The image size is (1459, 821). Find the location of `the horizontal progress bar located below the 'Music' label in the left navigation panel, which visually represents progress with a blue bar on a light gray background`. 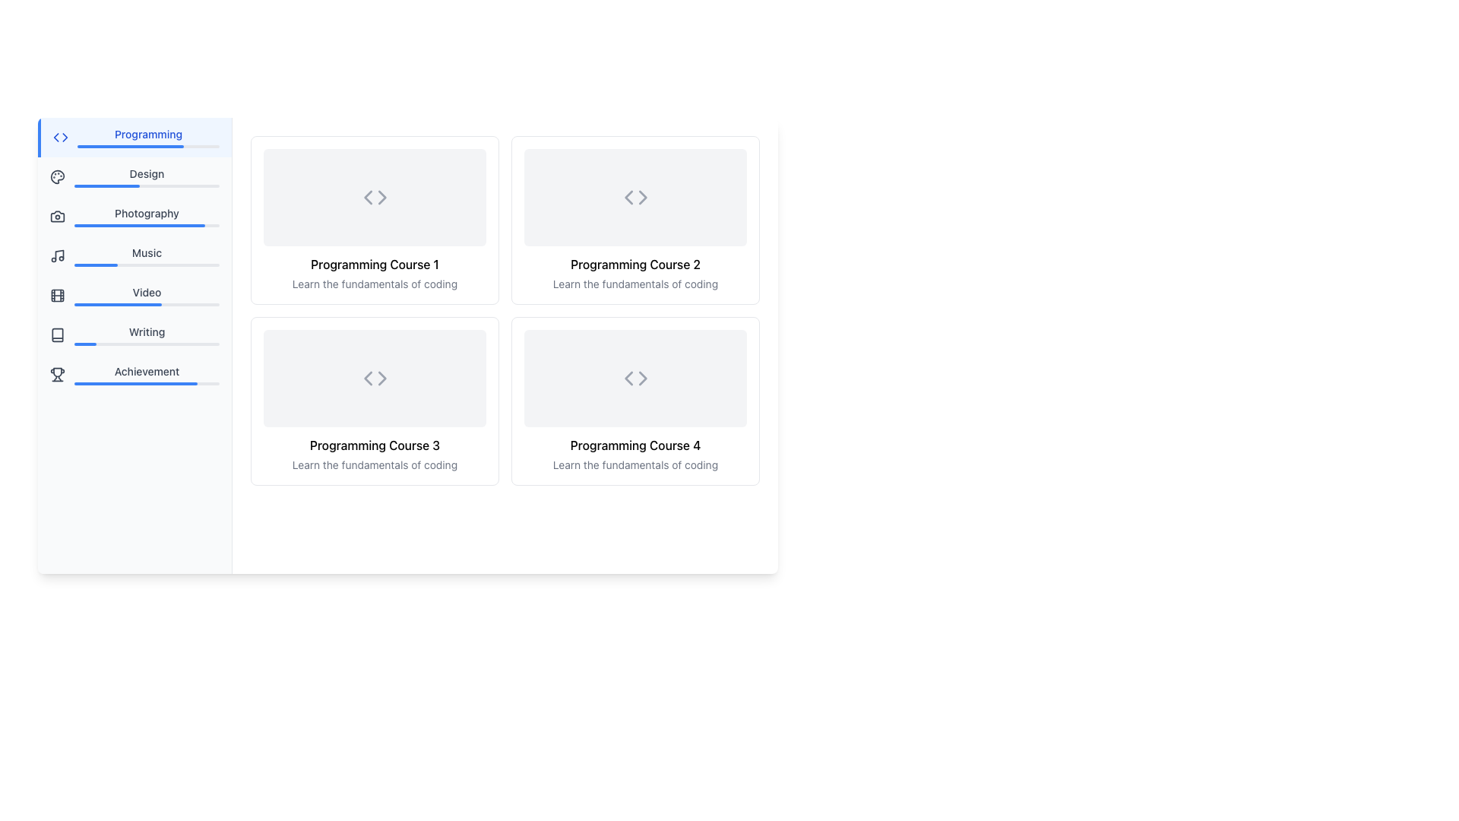

the horizontal progress bar located below the 'Music' label in the left navigation panel, which visually represents progress with a blue bar on a light gray background is located at coordinates (147, 264).